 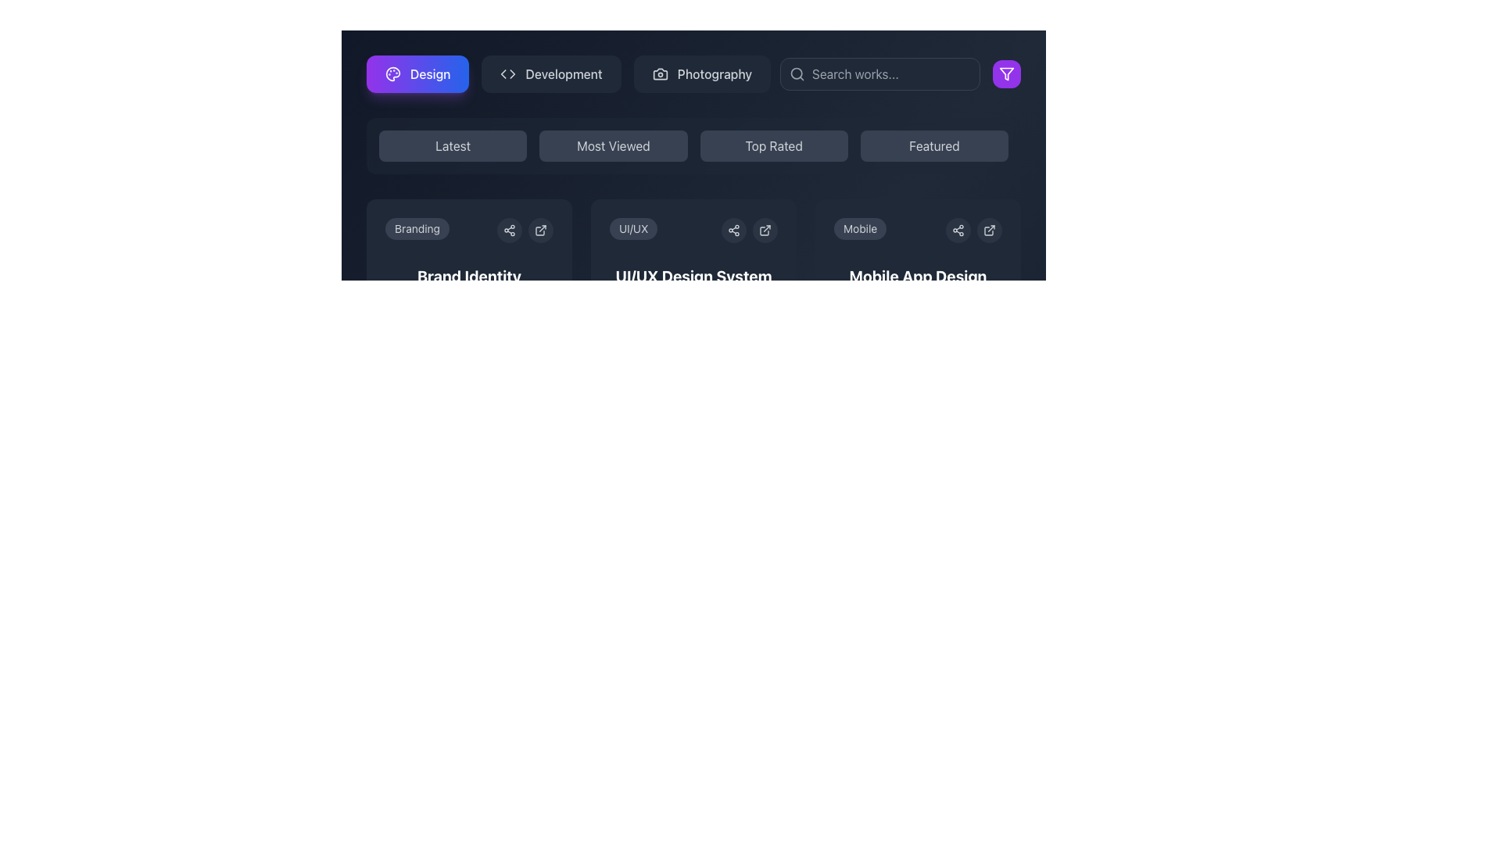 I want to click on the 'Design' button, which is a rectangular button with a gradient background from purple to blue and contains a white palette icon and the text 'Design' in white font, so click(x=417, y=74).